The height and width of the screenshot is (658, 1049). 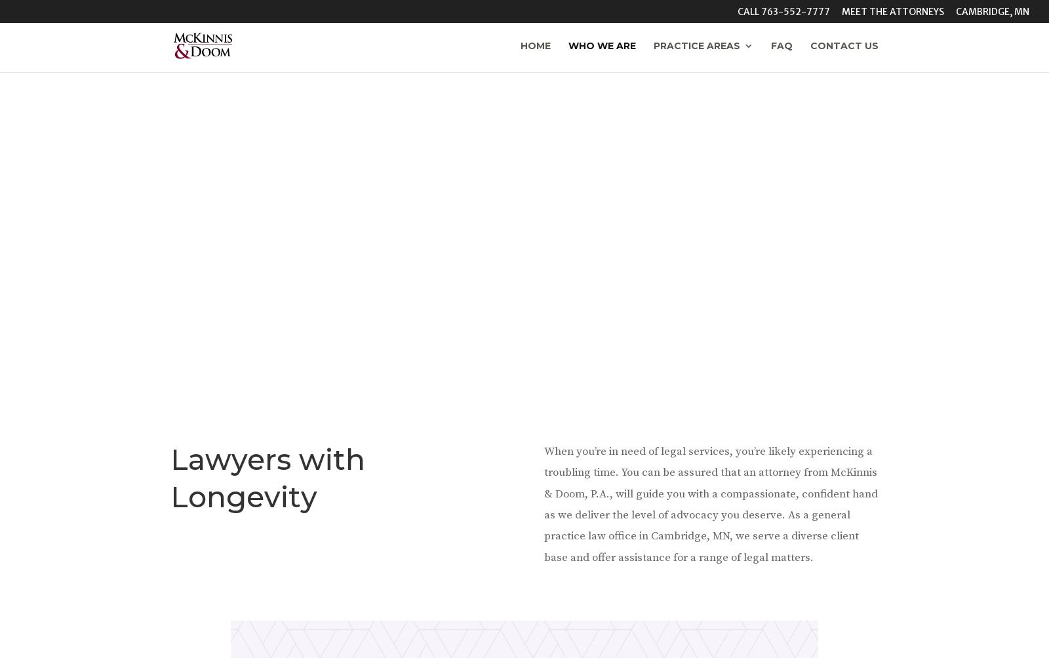 What do you see at coordinates (730, 206) in the screenshot?
I see `'Personal Injury & Wrongful Death'` at bounding box center [730, 206].